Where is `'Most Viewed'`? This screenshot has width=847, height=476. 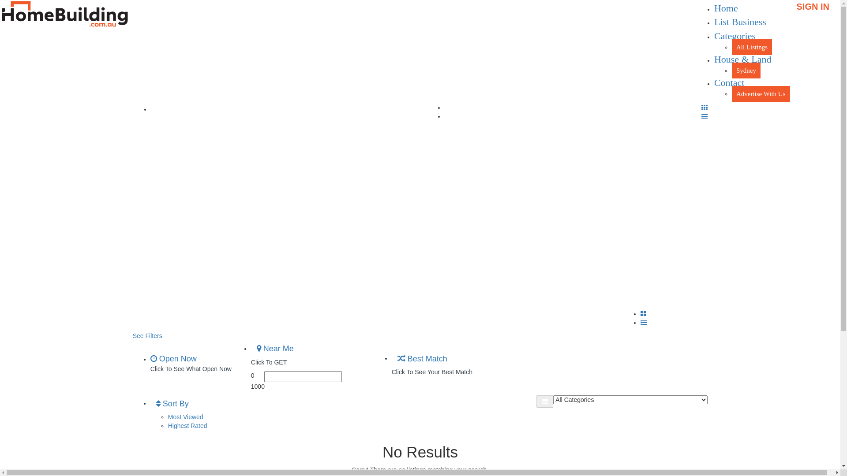
'Most Viewed' is located at coordinates (185, 416).